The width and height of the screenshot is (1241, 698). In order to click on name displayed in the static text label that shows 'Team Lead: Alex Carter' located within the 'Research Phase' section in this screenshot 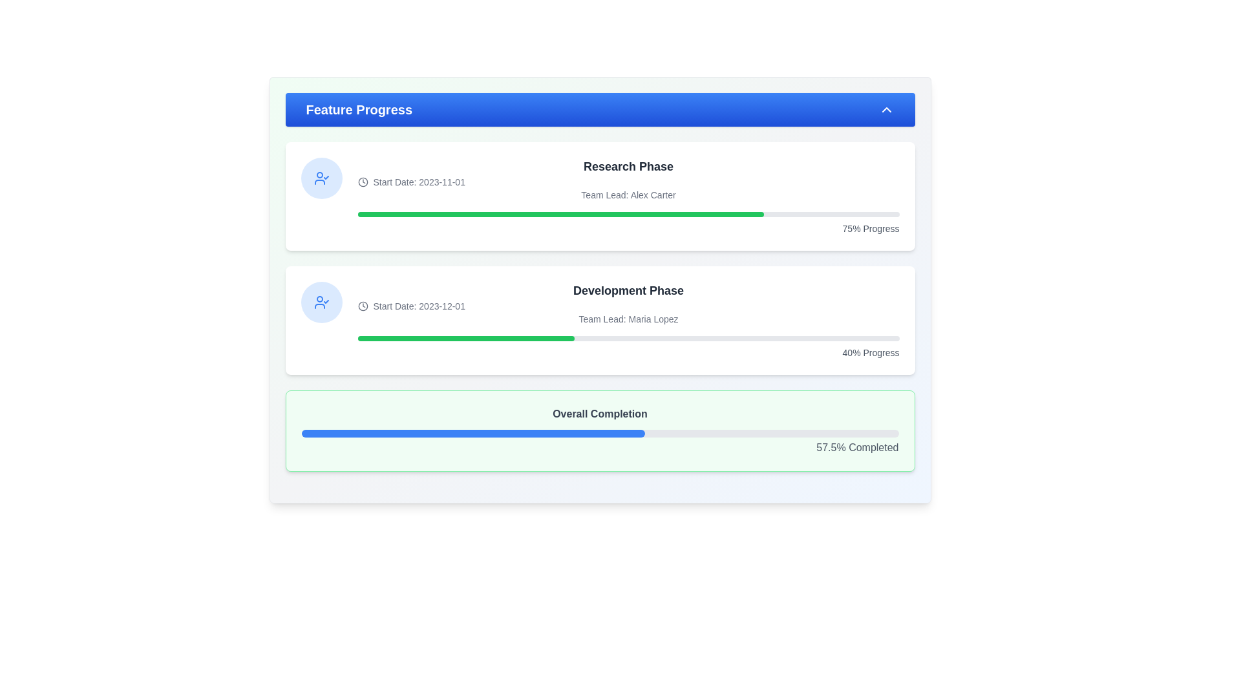, I will do `click(628, 195)`.